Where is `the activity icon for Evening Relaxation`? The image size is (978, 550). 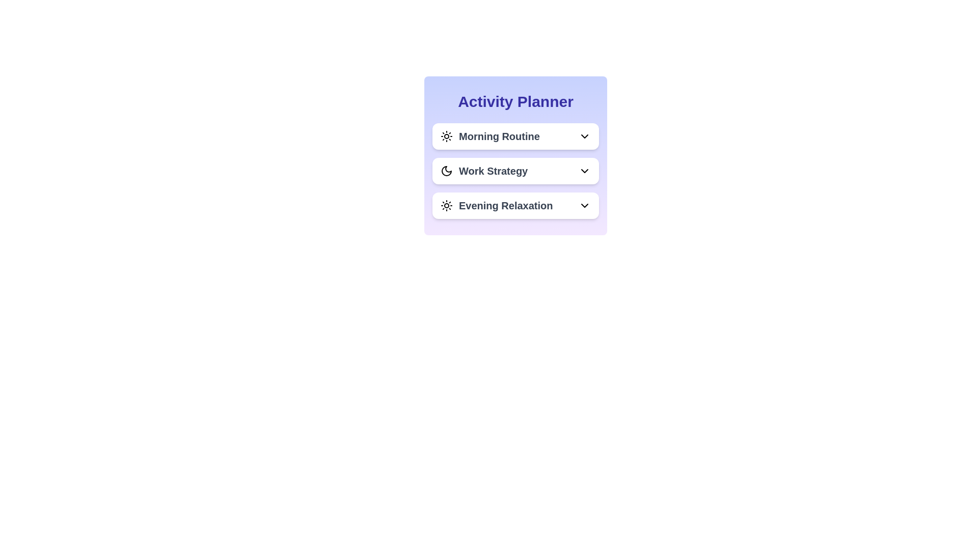 the activity icon for Evening Relaxation is located at coordinates (447, 206).